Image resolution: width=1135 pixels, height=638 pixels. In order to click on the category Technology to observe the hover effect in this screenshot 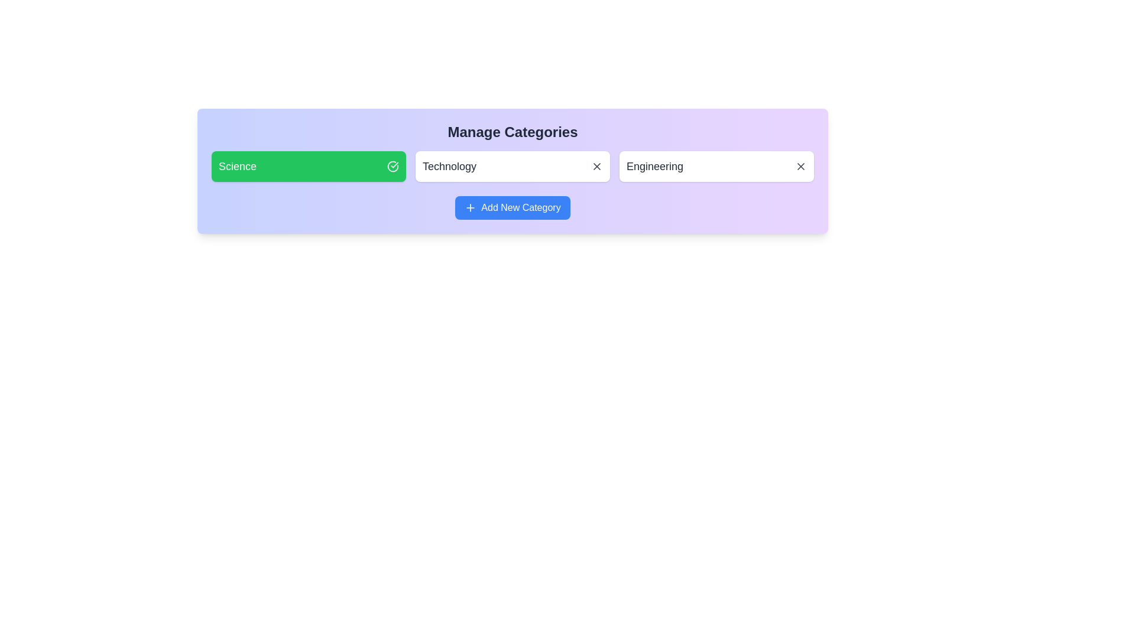, I will do `click(513, 166)`.